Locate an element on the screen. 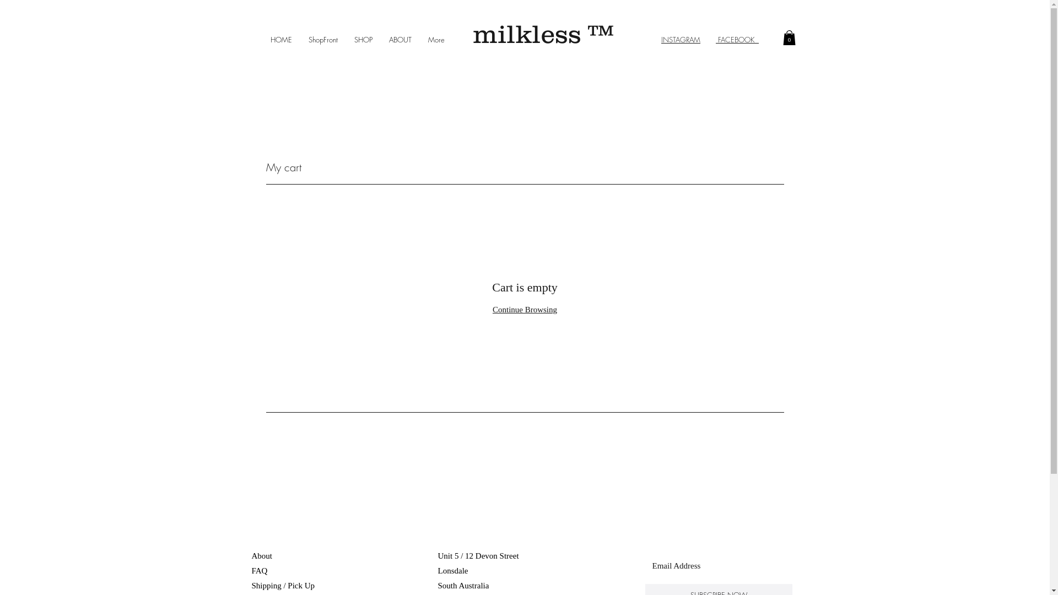 The width and height of the screenshot is (1058, 595). 'ShopFront' is located at coordinates (300, 39).